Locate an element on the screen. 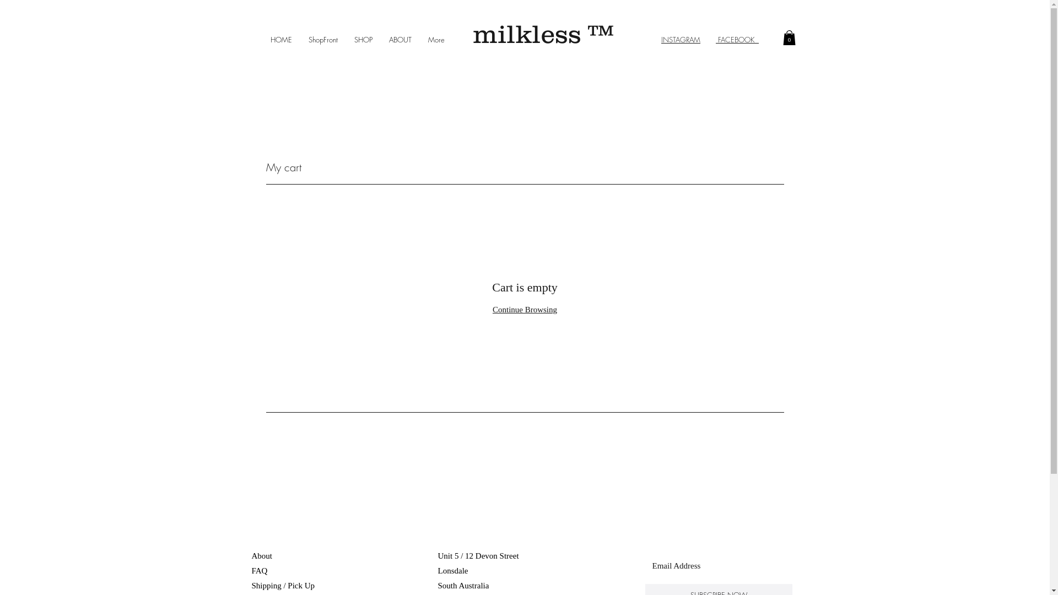 The width and height of the screenshot is (1058, 595). 'ShopFront' is located at coordinates (300, 39).